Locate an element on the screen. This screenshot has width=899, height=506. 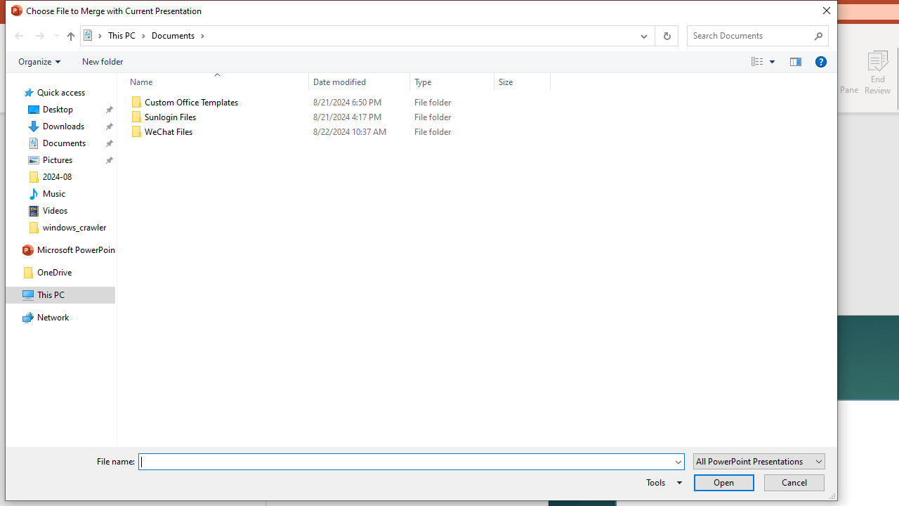
'Sunlogin Files' is located at coordinates (337, 117).